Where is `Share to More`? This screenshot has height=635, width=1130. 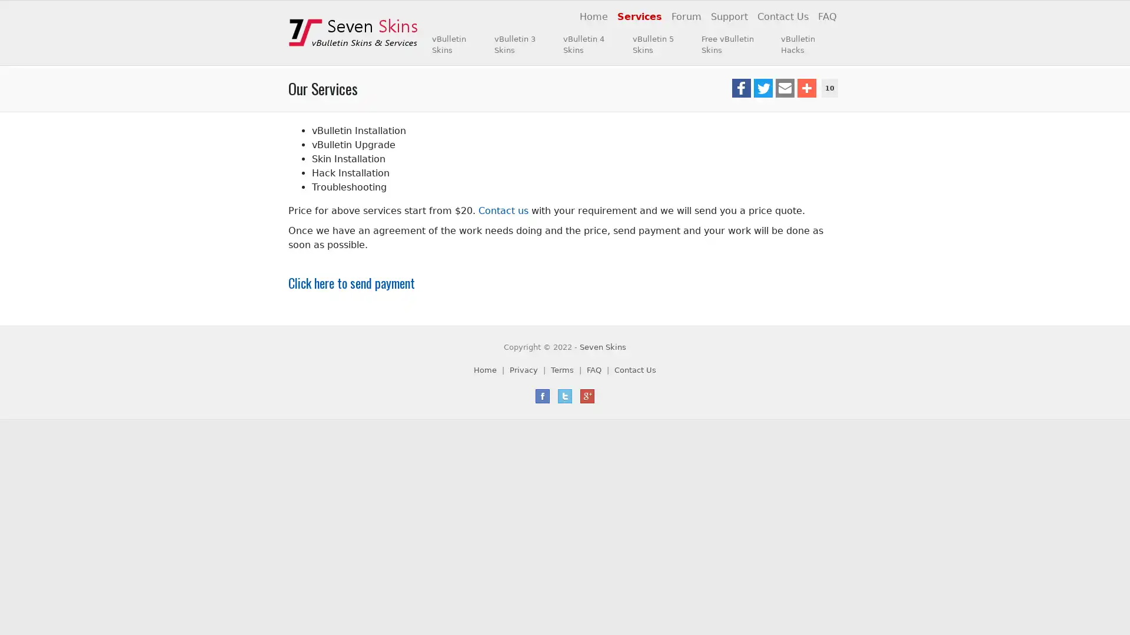
Share to More is located at coordinates (805, 88).